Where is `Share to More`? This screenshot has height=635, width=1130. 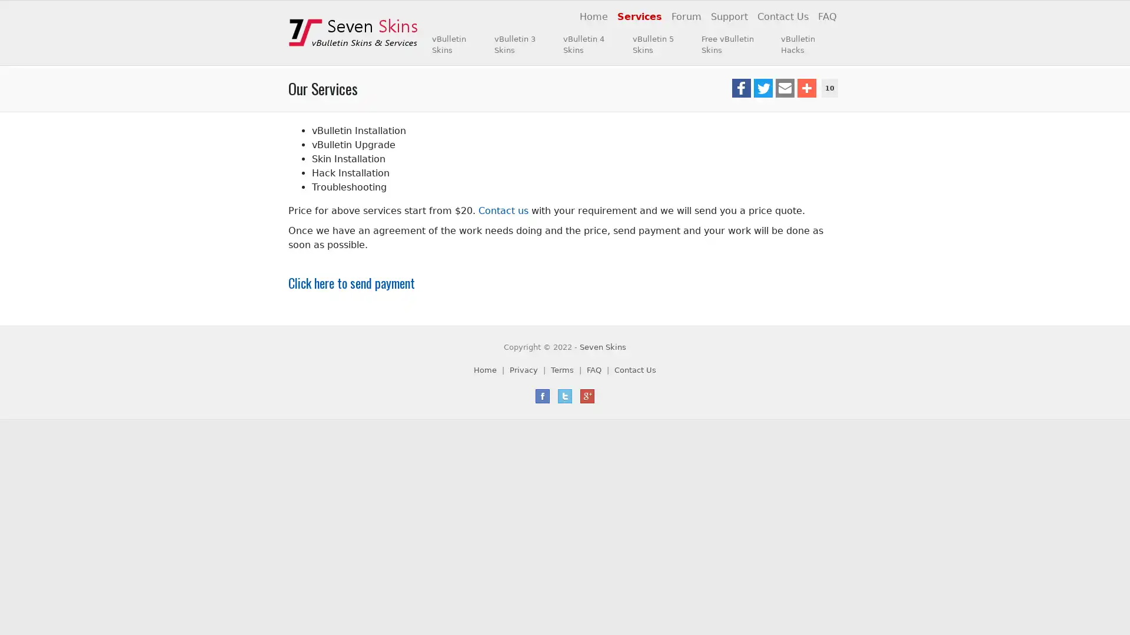
Share to More is located at coordinates (805, 88).